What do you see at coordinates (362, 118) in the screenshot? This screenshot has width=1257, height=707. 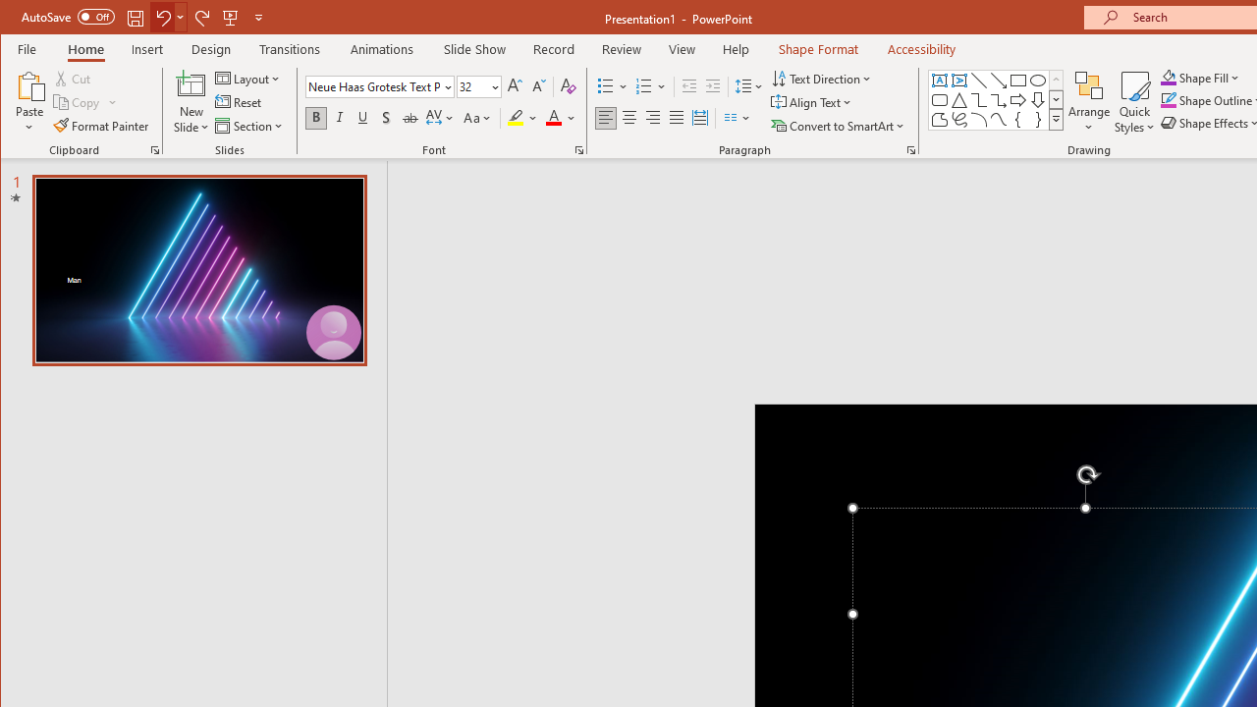 I see `'Underline'` at bounding box center [362, 118].